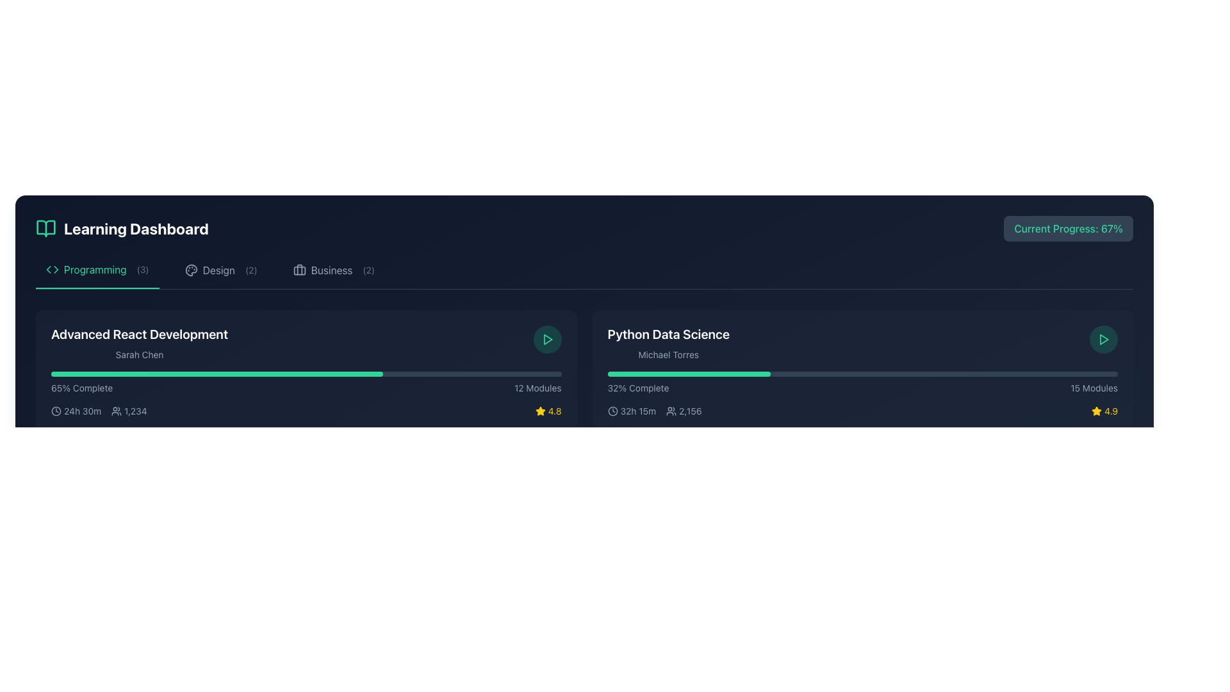  I want to click on the programming icon with triangular brackets located in the first tab labeled 'Programming (3)' in the top navigation section of the dashboard, so click(51, 268).